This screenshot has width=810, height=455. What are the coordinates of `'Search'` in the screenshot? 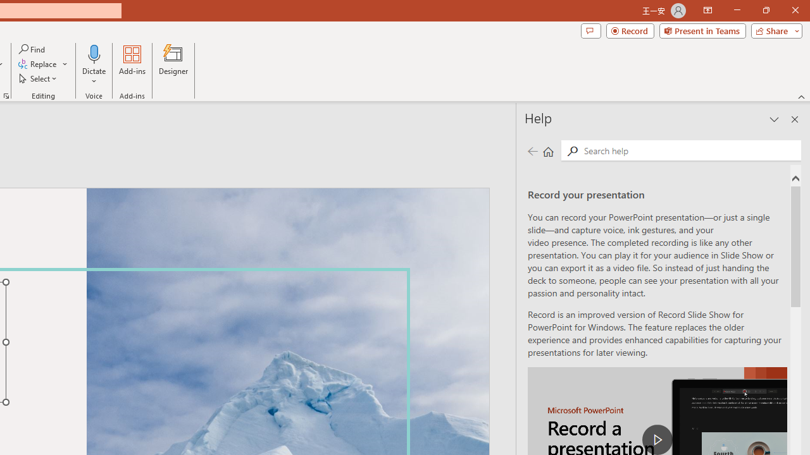 It's located at (571, 150).